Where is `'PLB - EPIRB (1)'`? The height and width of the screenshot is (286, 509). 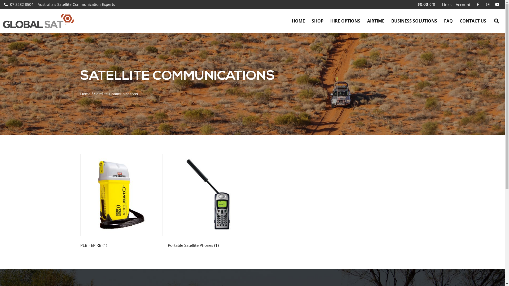 'PLB - EPIRB (1)' is located at coordinates (121, 202).